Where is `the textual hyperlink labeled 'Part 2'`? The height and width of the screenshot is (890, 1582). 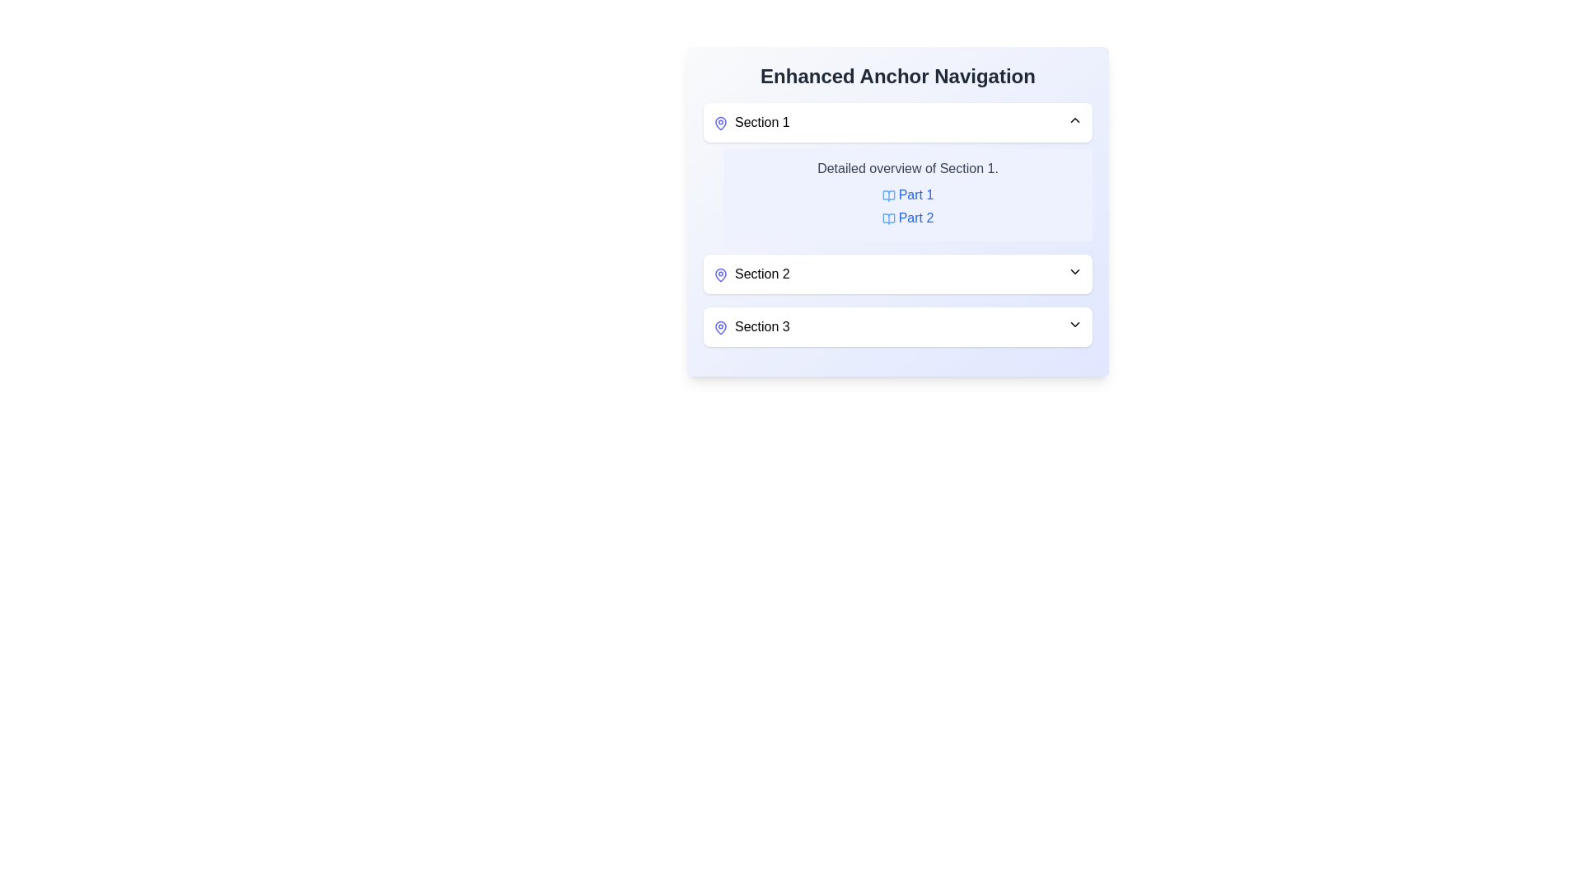
the textual hyperlink labeled 'Part 2' is located at coordinates (907, 217).